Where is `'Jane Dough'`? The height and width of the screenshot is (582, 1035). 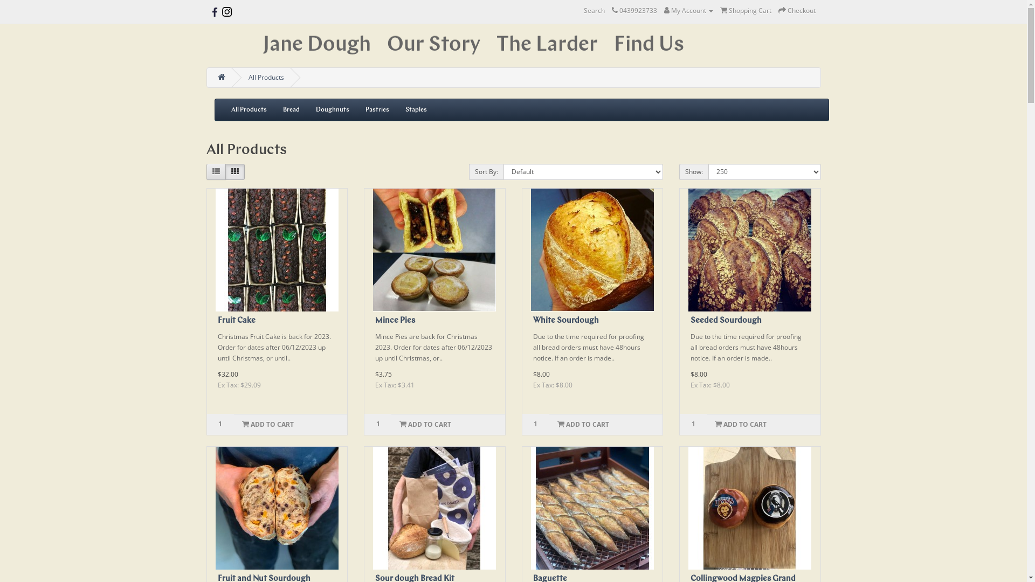 'Jane Dough' is located at coordinates (315, 45).